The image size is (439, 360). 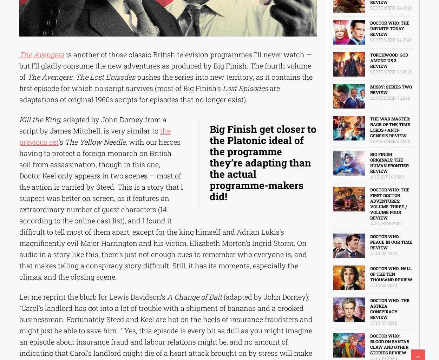 I want to click on 'Doctor Who: Peace in Our Time review', so click(x=391, y=242).